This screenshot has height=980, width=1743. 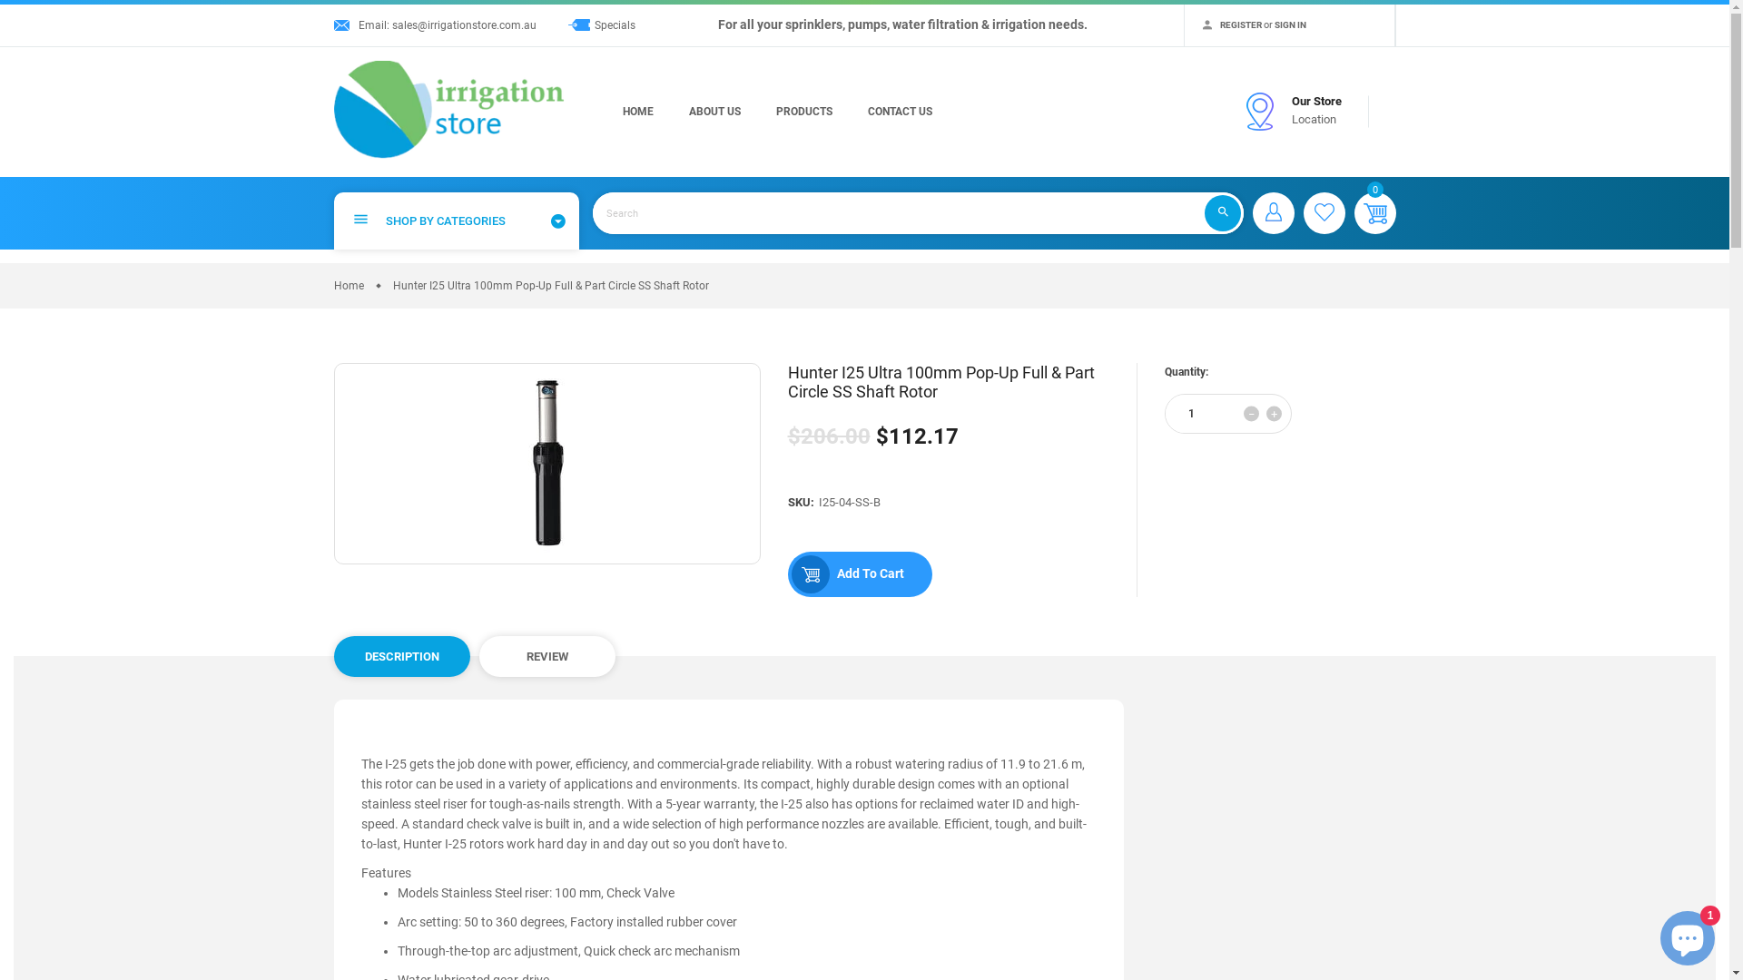 What do you see at coordinates (713, 112) in the screenshot?
I see `'ABOUT US'` at bounding box center [713, 112].